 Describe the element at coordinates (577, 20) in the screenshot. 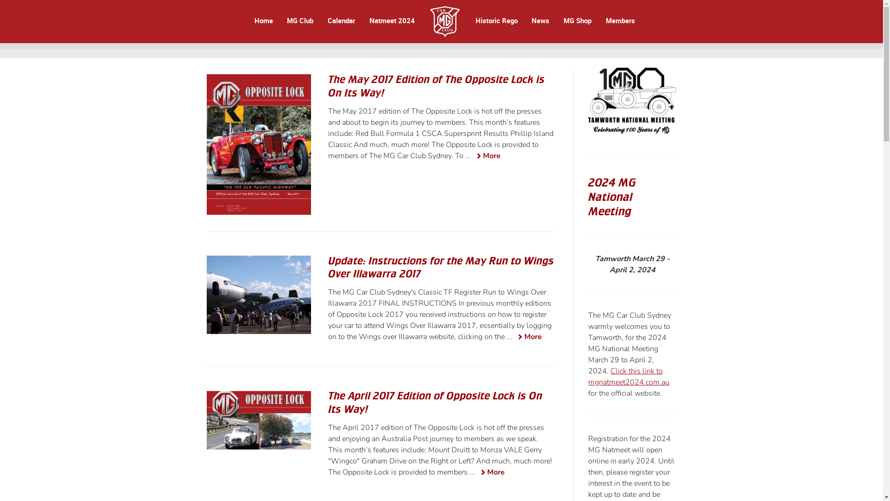

I see `'MG Shop'` at that location.